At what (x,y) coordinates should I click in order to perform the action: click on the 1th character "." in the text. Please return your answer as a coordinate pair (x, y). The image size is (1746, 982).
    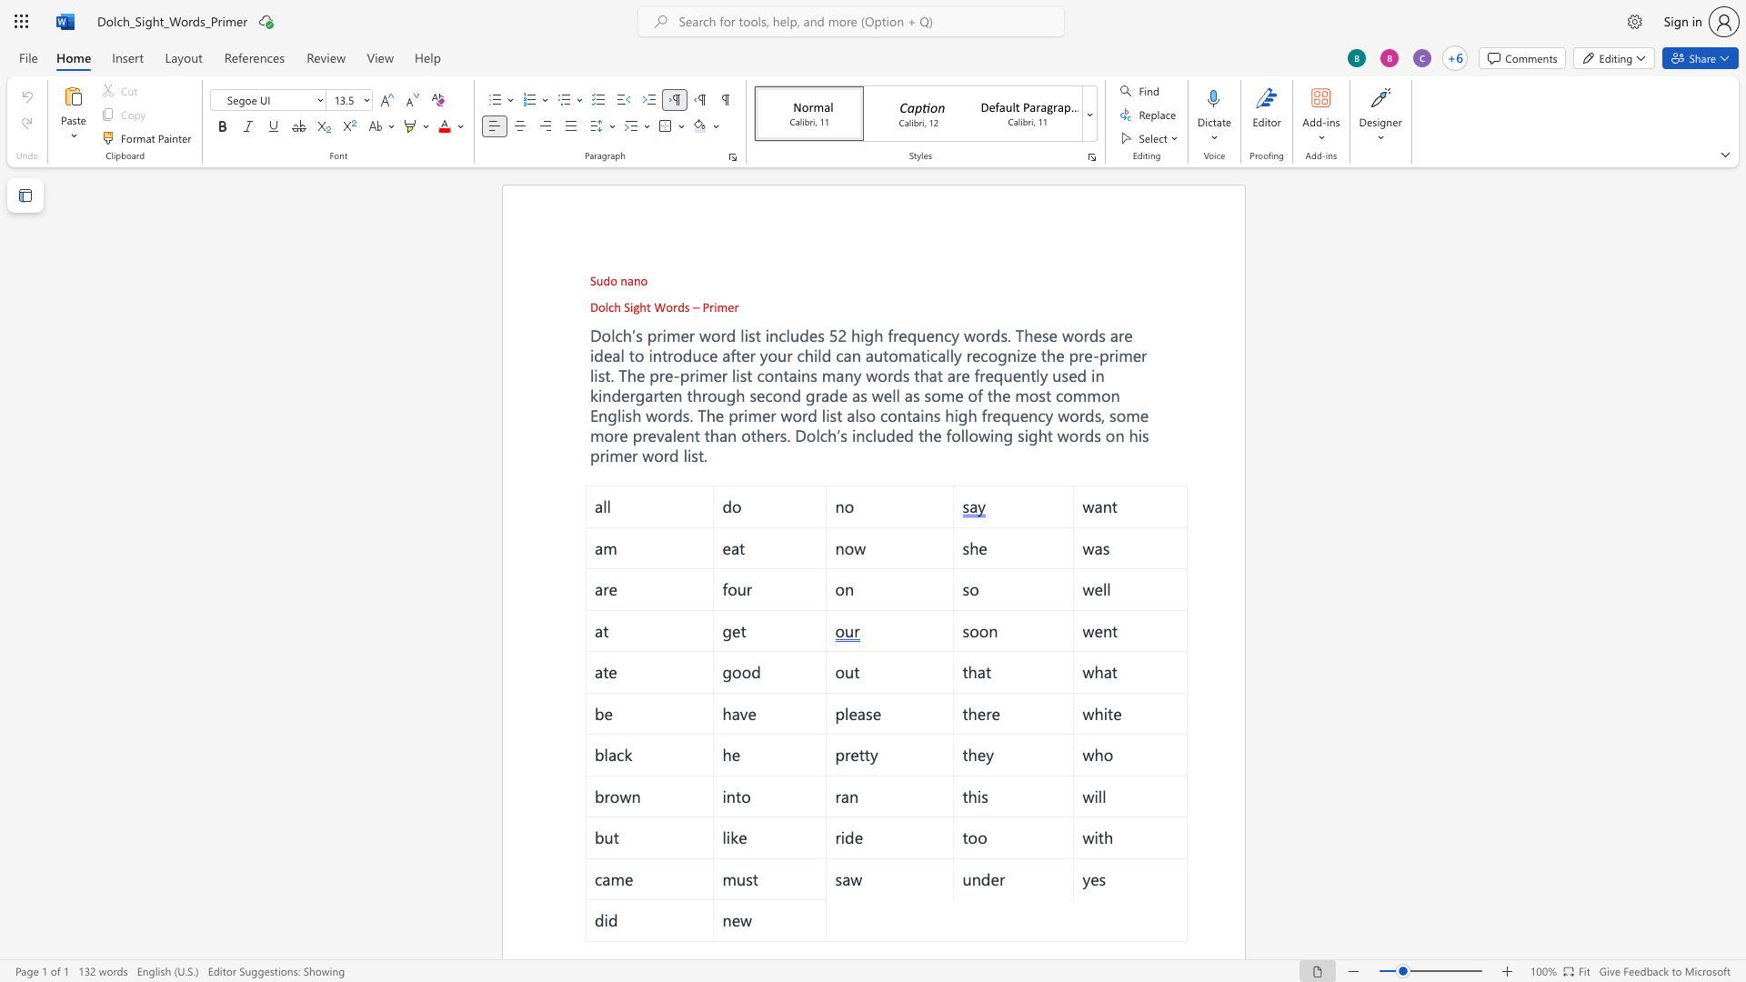
    Looking at the image, I should click on (788, 435).